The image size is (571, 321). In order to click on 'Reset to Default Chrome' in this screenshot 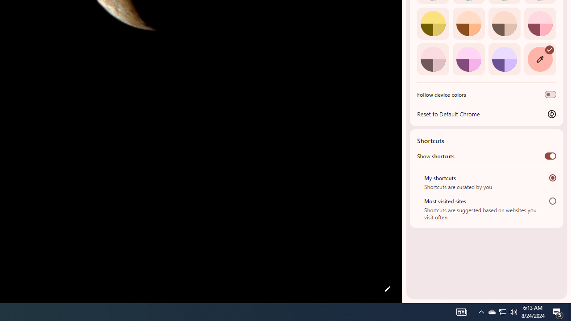, I will do `click(486, 113)`.